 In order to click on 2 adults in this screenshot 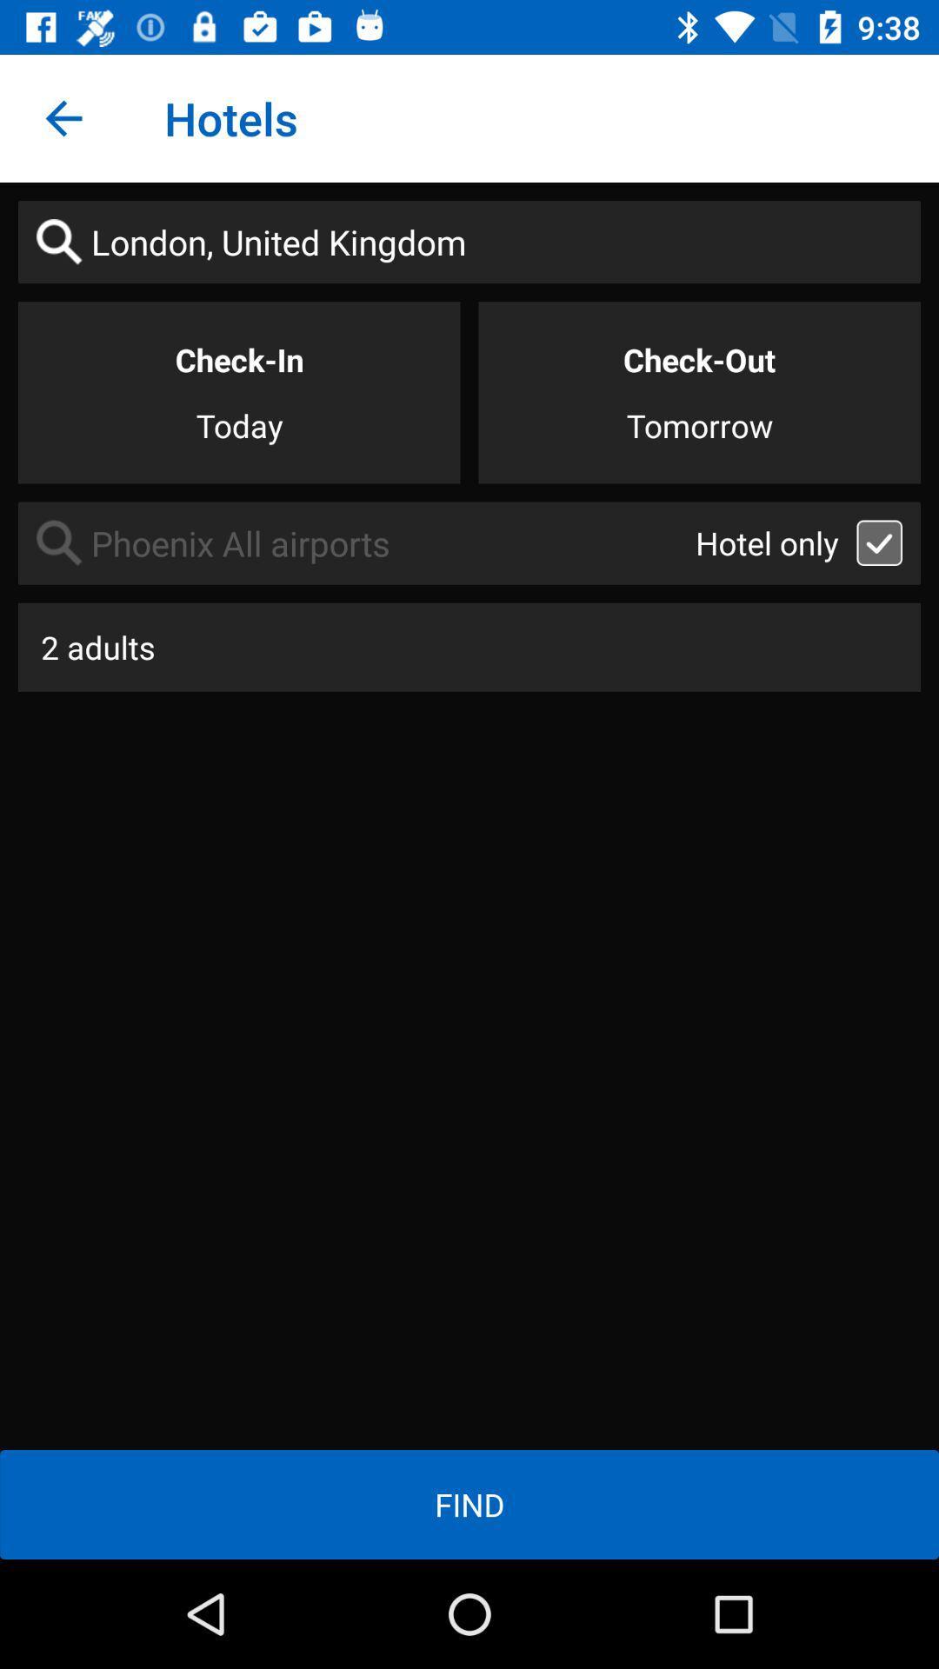, I will do `click(469, 646)`.